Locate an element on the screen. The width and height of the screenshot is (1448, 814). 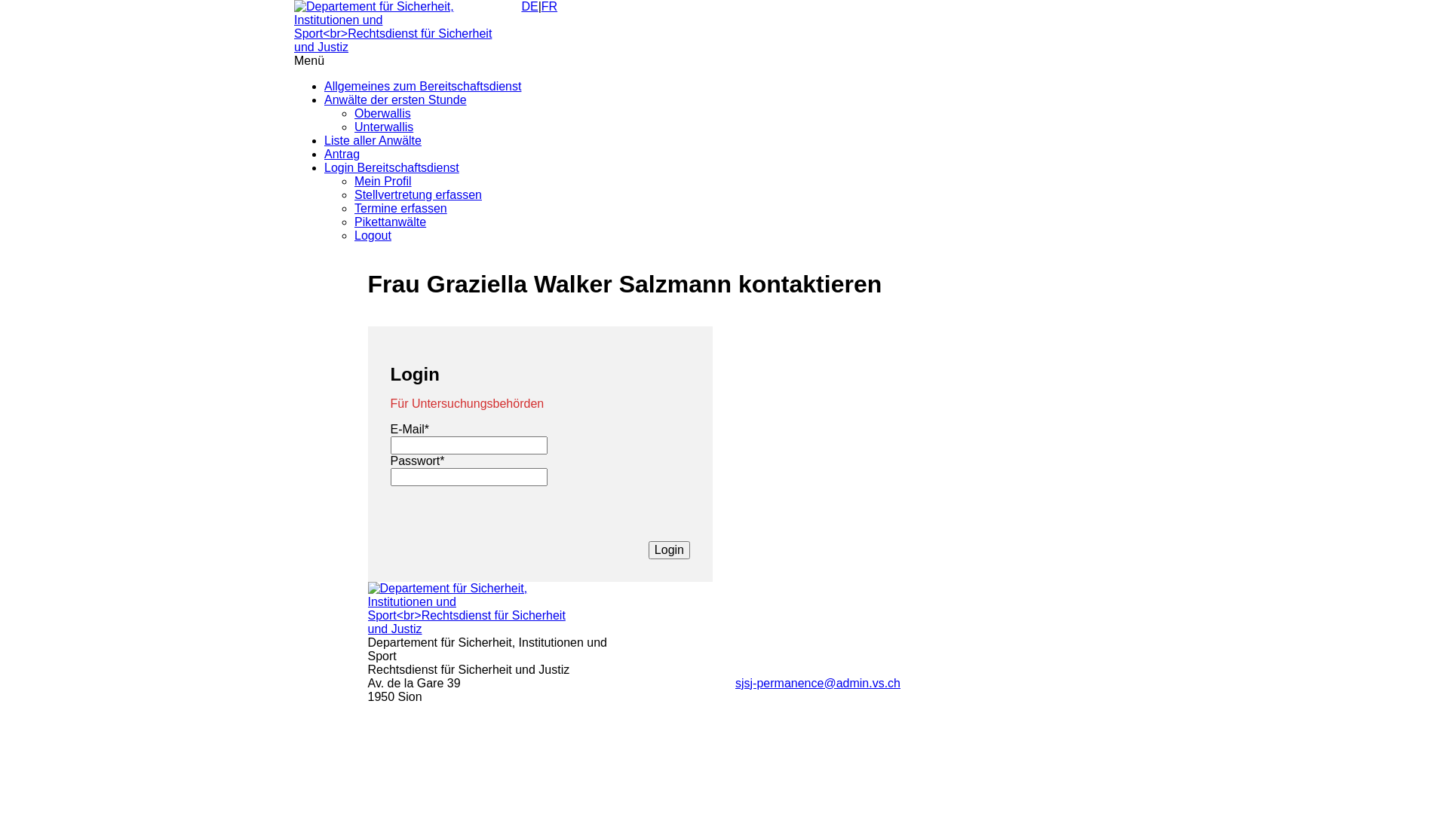
'Oberwallis' is located at coordinates (354, 112).